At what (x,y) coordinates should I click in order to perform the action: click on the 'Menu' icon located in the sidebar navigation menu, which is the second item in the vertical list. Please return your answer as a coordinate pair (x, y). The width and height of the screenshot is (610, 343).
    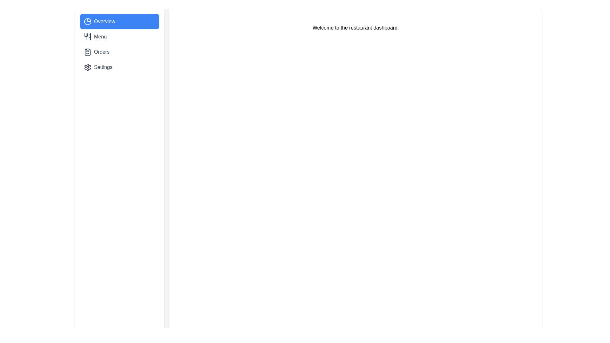
    Looking at the image, I should click on (87, 37).